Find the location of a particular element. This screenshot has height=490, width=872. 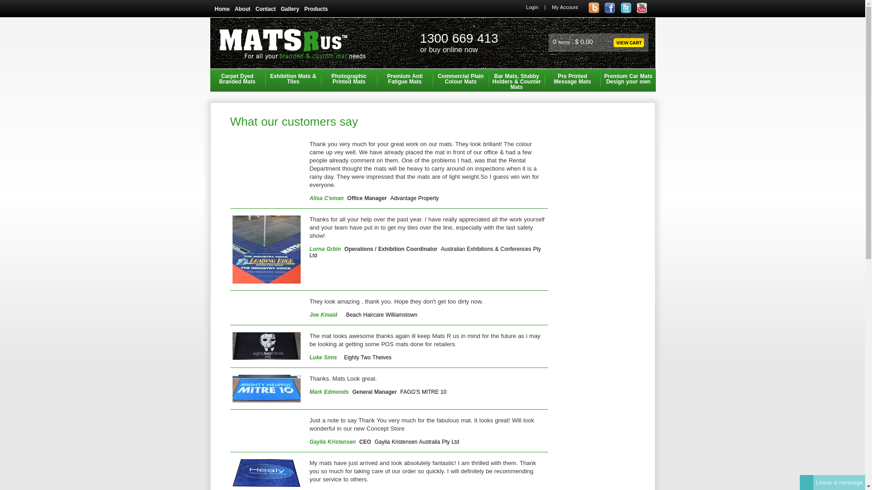

'MatsRus Blog' is located at coordinates (594, 8).